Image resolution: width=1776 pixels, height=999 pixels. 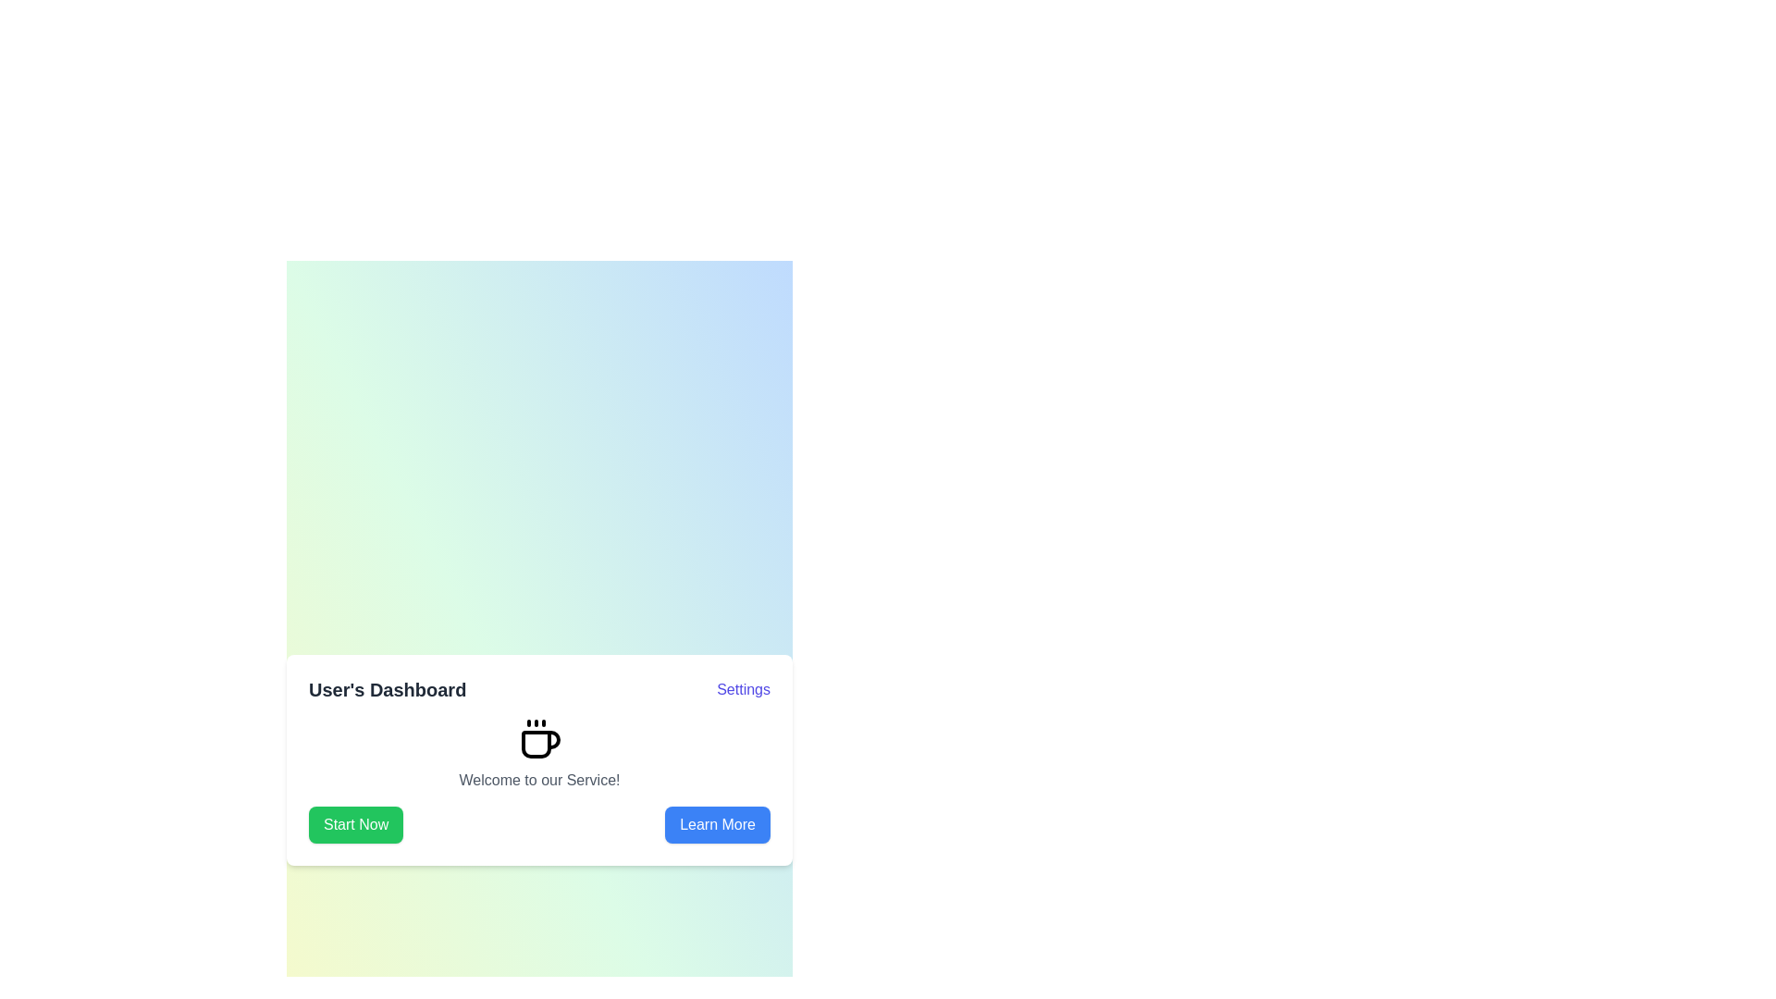 What do you see at coordinates (717, 823) in the screenshot?
I see `the rectangular button with a blue background and the label 'Learn More'` at bounding box center [717, 823].